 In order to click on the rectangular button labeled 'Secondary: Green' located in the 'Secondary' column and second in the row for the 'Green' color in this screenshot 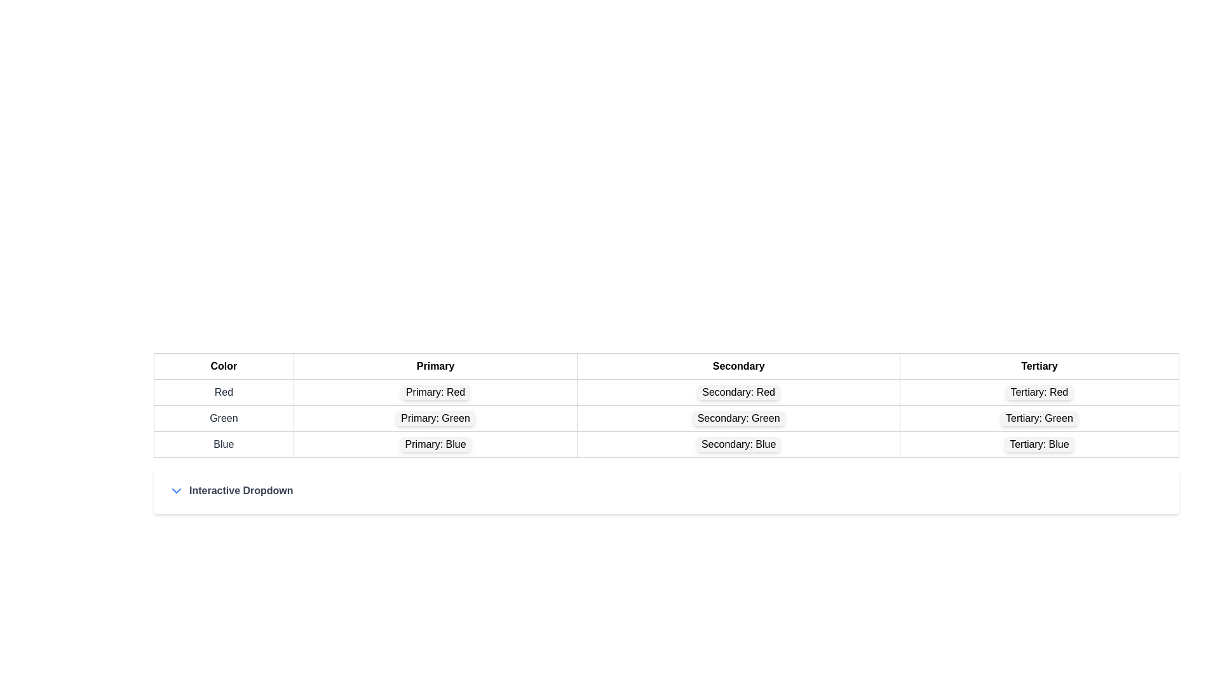, I will do `click(738, 419)`.